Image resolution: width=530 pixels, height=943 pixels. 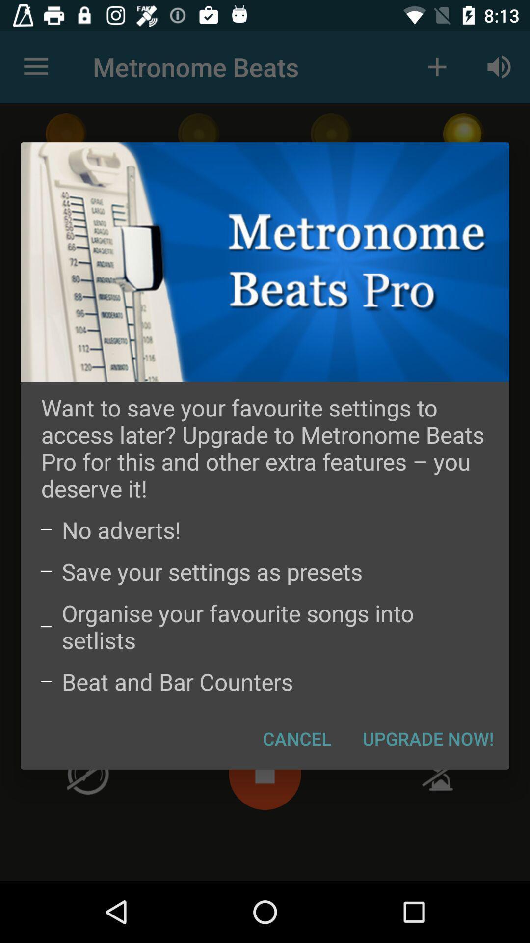 I want to click on item next to upgrade now! item, so click(x=296, y=738).